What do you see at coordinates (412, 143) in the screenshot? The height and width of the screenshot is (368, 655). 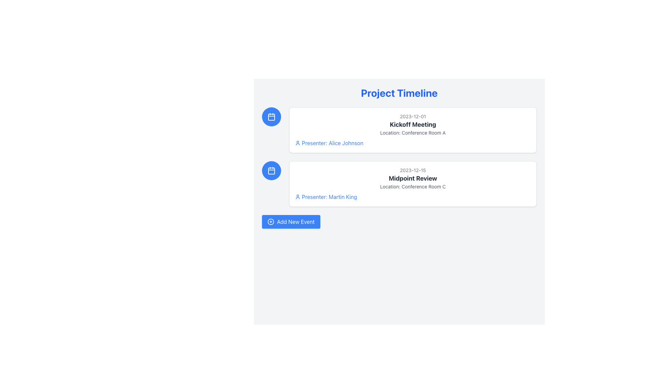 I see `the text label that reads 'Presenter: Alice Johnson' accompanied by a user profile icon, located in the details box for the 'Kickoff Meeting' entry` at bounding box center [412, 143].